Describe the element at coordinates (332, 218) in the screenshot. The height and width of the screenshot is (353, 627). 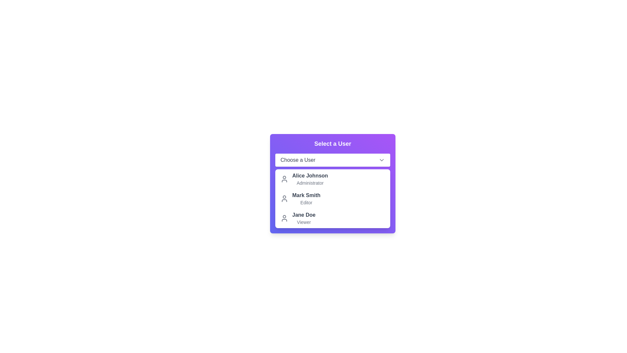
I see `the list item labeled 'Jane Doe' with the role 'Viewer'` at that location.